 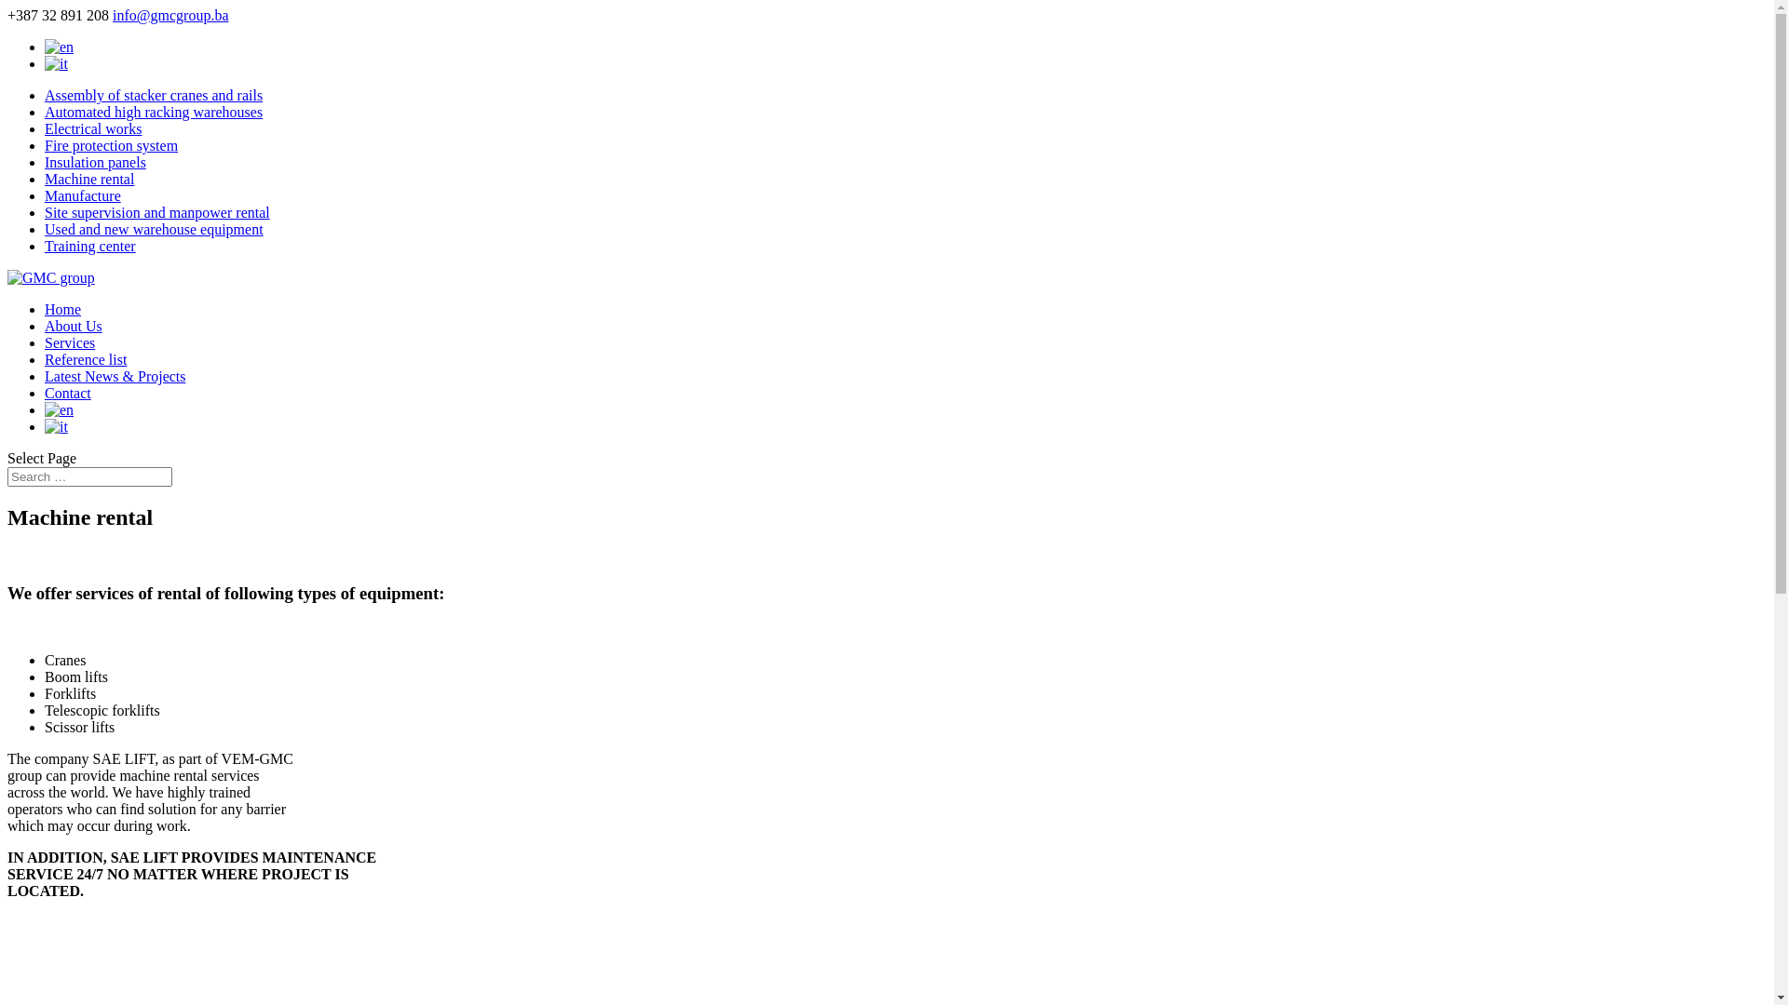 I want to click on 'Search for:', so click(x=88, y=476).